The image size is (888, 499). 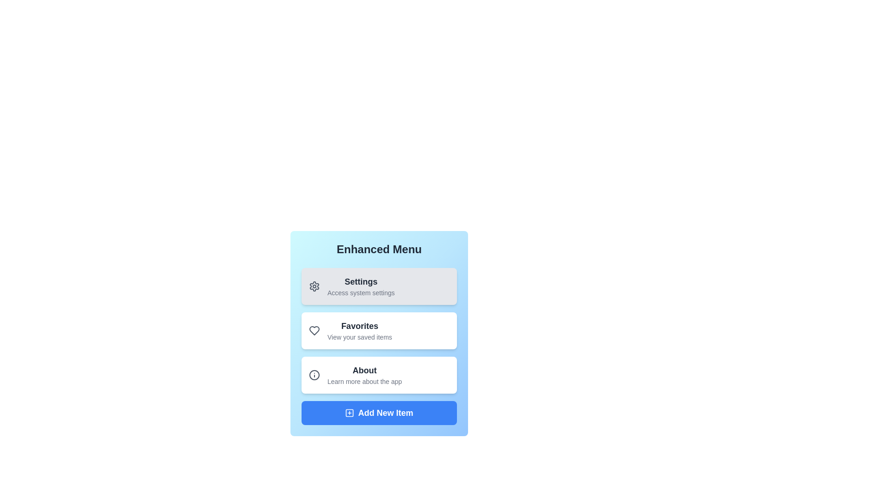 I want to click on the menu item labeled 'About' to activate it, so click(x=379, y=375).